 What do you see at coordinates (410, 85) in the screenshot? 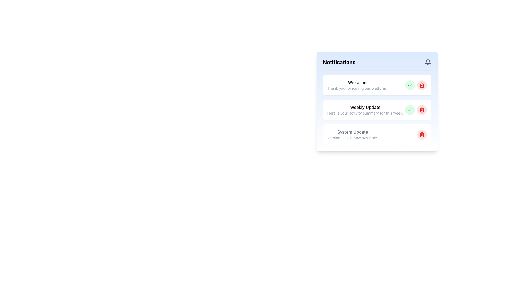
I see `the completion icon located beside the 'Weekly Update' text in the notification section` at bounding box center [410, 85].